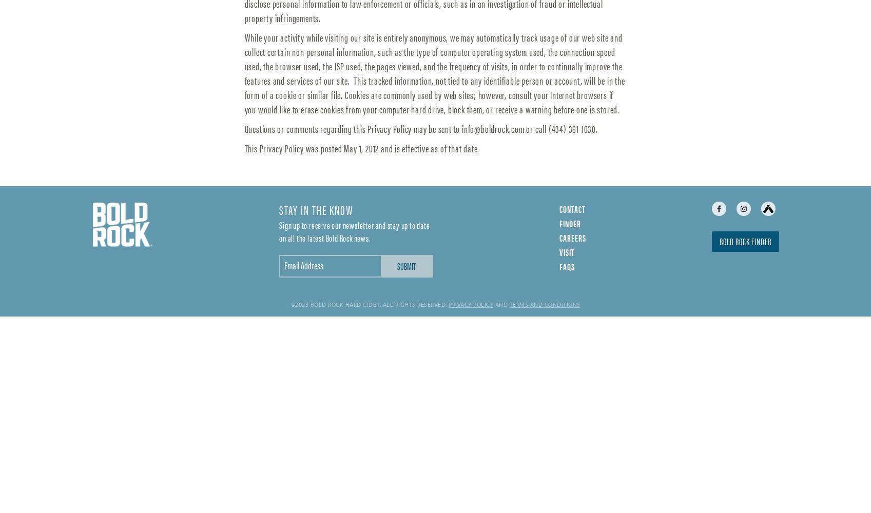 The height and width of the screenshot is (513, 871). Describe the element at coordinates (420, 127) in the screenshot. I see `'Questions or comments regarding this Privacy Policy may be sent to info@boldrock.com or call (434) 361-1030.'` at that location.